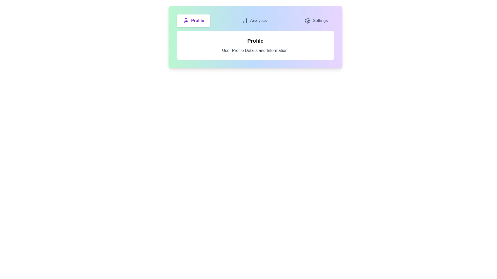 This screenshot has width=497, height=279. I want to click on the Settings tab button to switch to the corresponding tab, so click(316, 20).